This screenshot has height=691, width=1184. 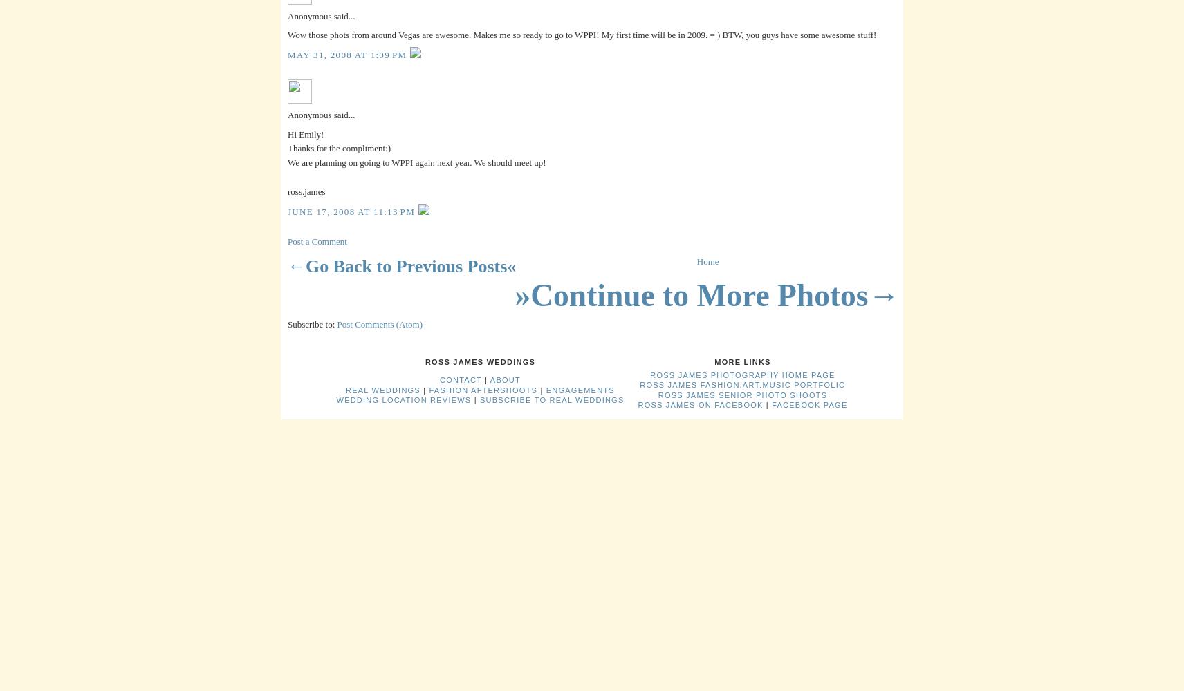 What do you see at coordinates (338, 147) in the screenshot?
I see `'Thanks for the compliment:)'` at bounding box center [338, 147].